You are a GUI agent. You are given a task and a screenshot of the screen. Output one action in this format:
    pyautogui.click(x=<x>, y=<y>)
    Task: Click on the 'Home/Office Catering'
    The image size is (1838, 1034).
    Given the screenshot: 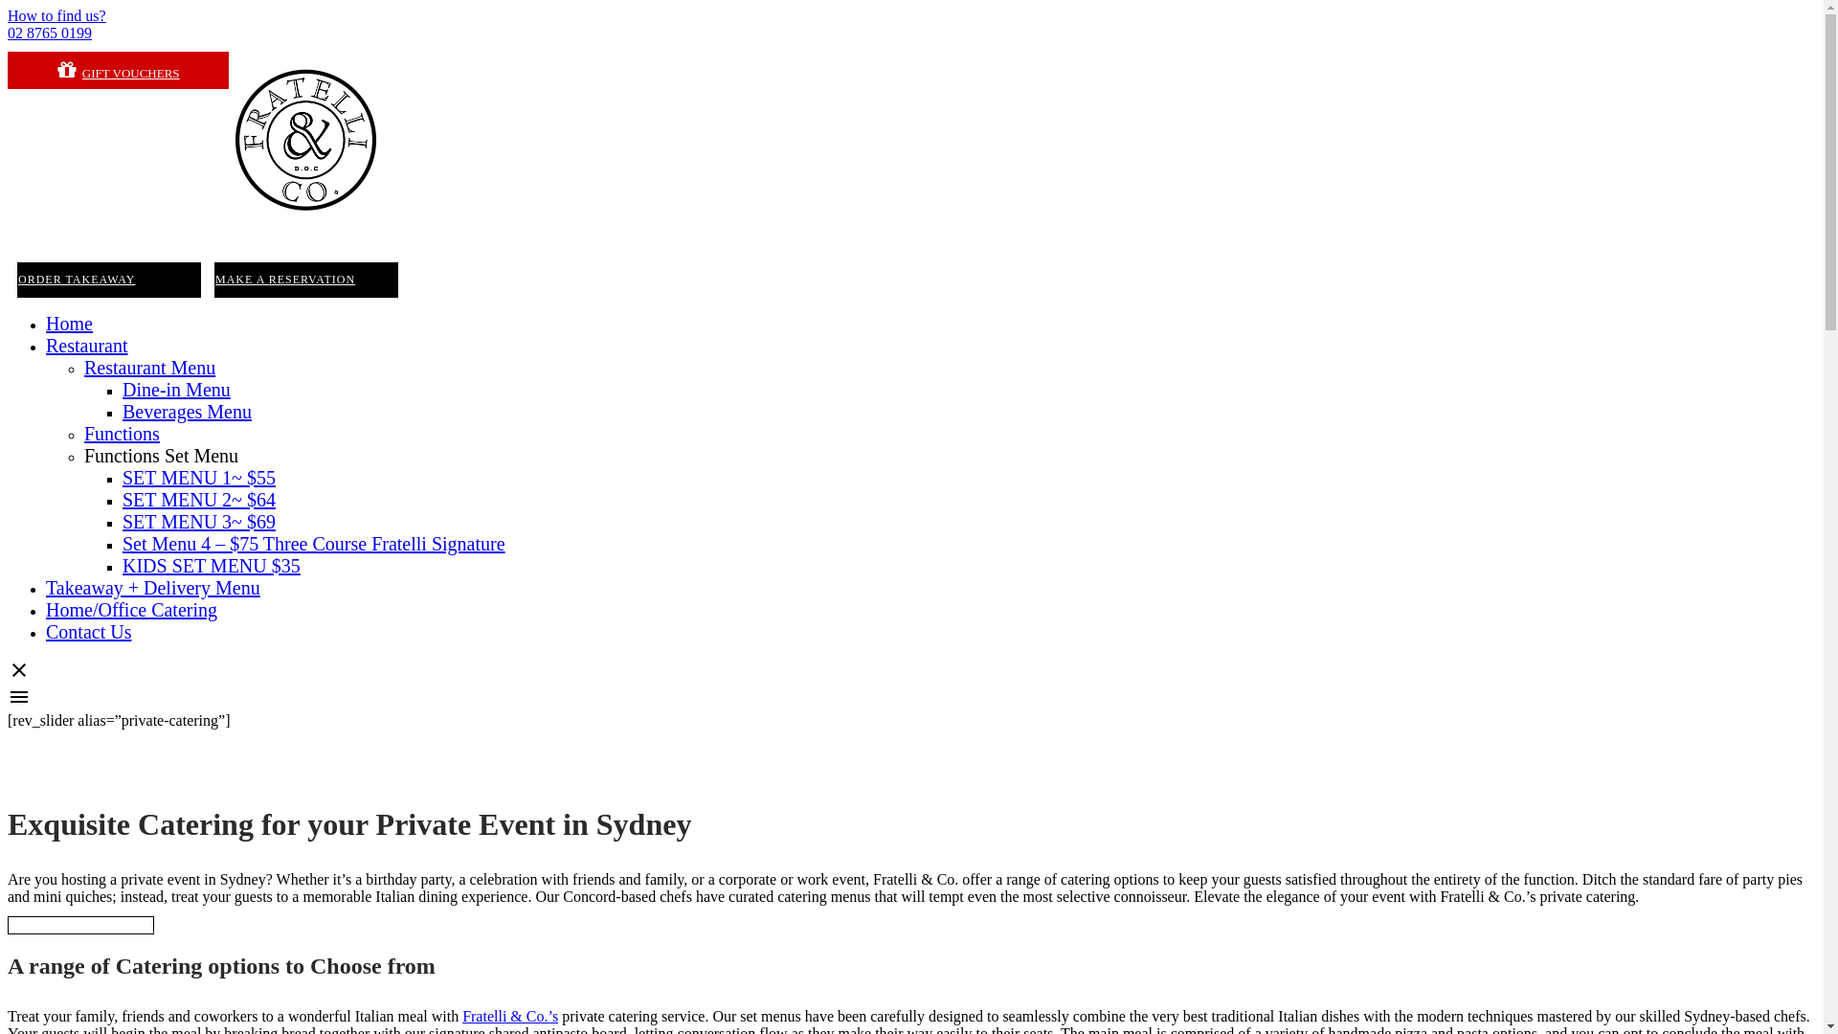 What is the action you would take?
    pyautogui.click(x=130, y=609)
    